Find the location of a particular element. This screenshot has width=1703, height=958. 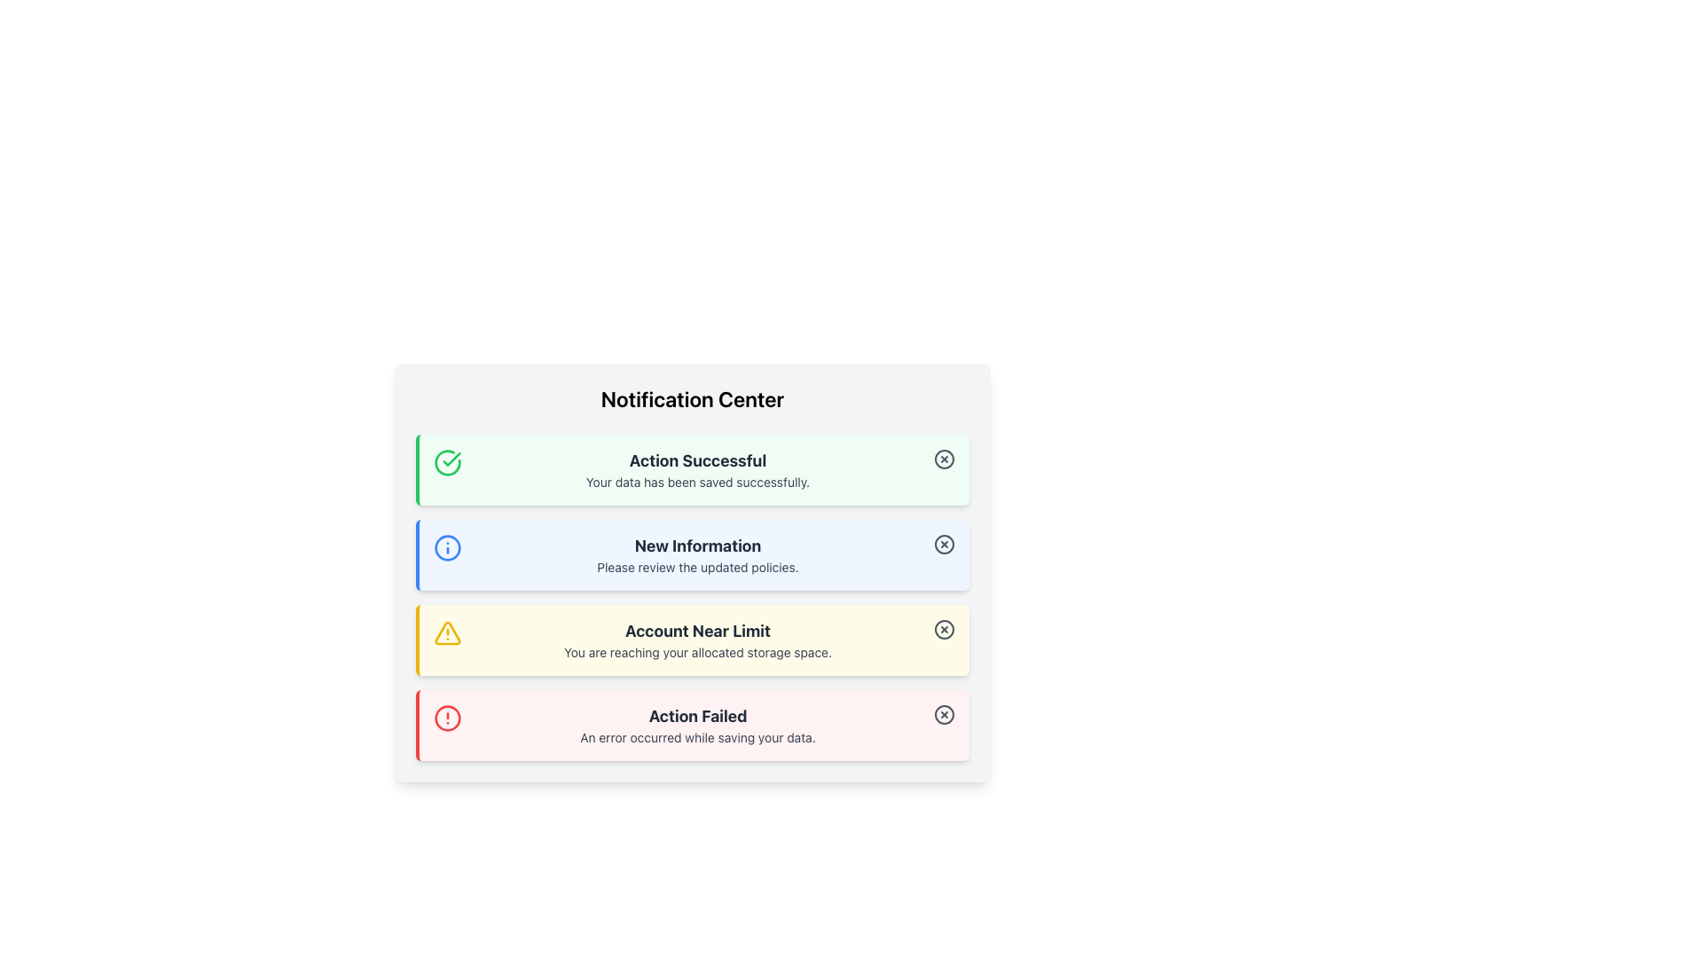

the success confirmation message text located beneath the bold heading 'Action Successful' in the notification panel is located at coordinates (697, 482).